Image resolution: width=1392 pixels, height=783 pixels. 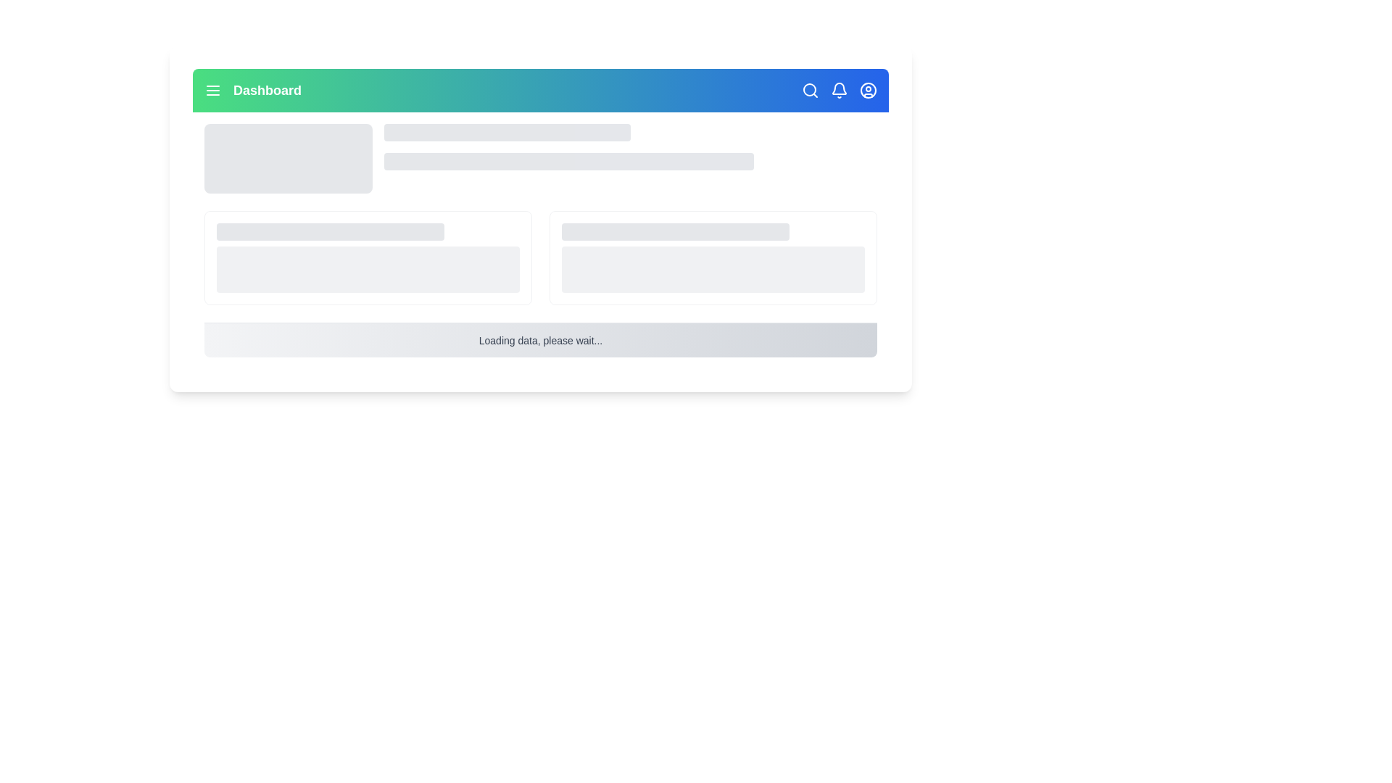 What do you see at coordinates (539, 340) in the screenshot?
I see `the static text label that displays the message 'Loading data, please wait...' located at the bottom part of the content area` at bounding box center [539, 340].